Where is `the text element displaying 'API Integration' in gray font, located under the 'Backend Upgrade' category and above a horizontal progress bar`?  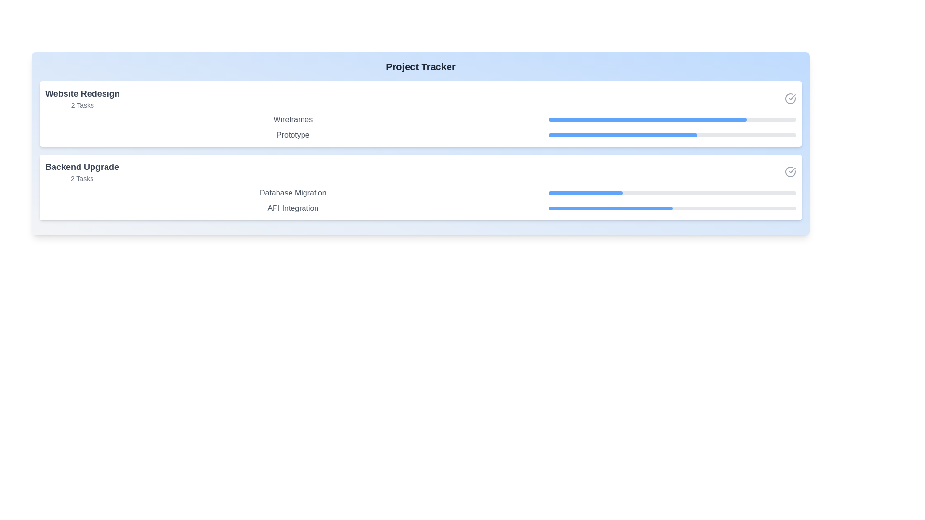 the text element displaying 'API Integration' in gray font, located under the 'Backend Upgrade' category and above a horizontal progress bar is located at coordinates (292, 208).